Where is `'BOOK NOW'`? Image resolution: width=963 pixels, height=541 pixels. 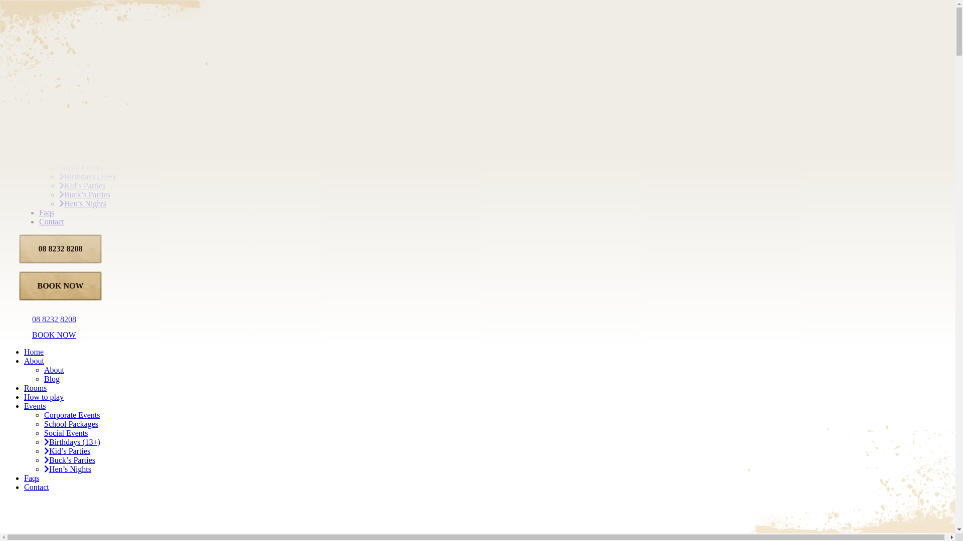 'BOOK NOW' is located at coordinates (19, 286).